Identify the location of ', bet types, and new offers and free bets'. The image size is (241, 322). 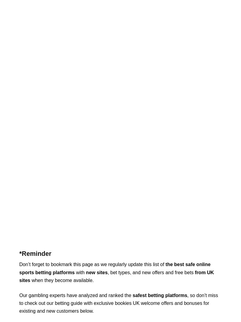
(150, 272).